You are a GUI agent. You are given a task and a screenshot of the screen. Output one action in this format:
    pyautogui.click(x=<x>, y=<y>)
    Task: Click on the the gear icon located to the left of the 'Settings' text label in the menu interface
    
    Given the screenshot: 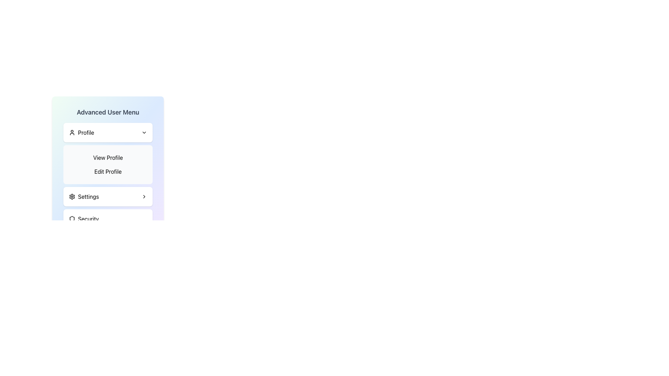 What is the action you would take?
    pyautogui.click(x=72, y=196)
    